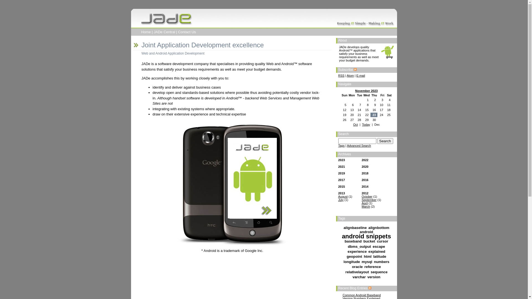  I want to click on 'E-mail', so click(360, 76).